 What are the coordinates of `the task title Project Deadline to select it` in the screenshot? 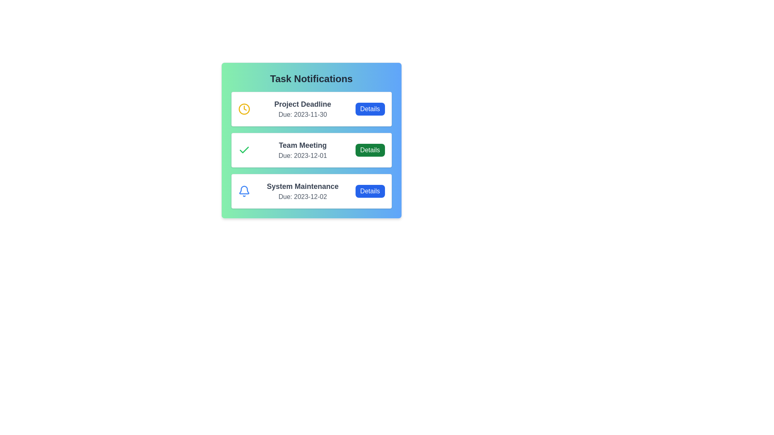 It's located at (302, 104).